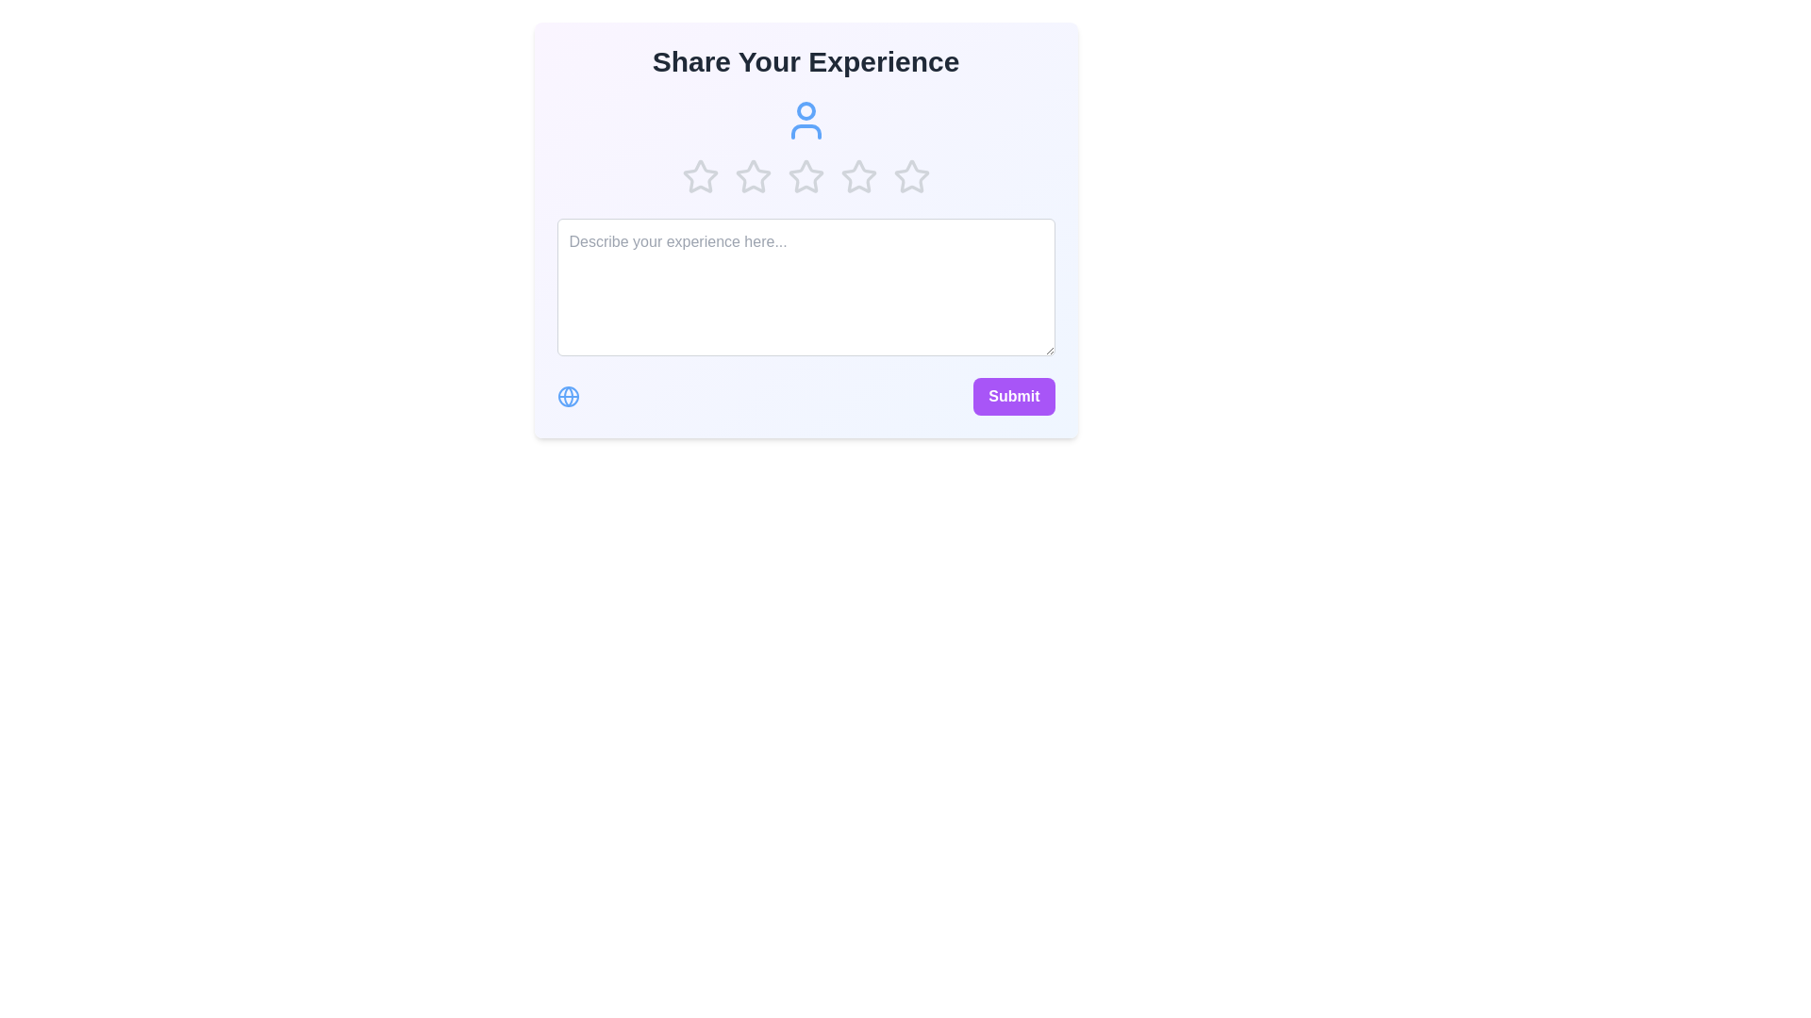  I want to click on the first star icon in the rating component to assign a rating, so click(699, 175).